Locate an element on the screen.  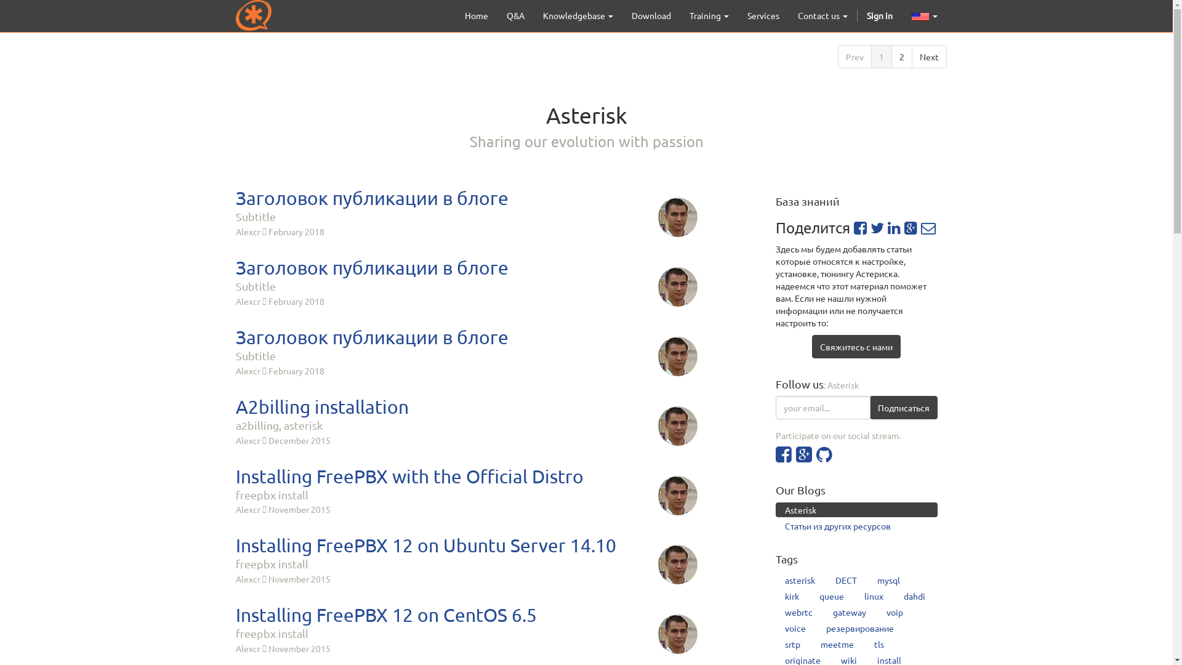
'Asterisk Service' is located at coordinates (252, 15).